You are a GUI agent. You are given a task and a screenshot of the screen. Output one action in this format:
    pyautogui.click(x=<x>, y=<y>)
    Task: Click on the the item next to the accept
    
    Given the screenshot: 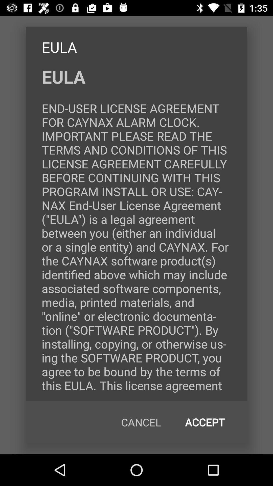 What is the action you would take?
    pyautogui.click(x=141, y=422)
    